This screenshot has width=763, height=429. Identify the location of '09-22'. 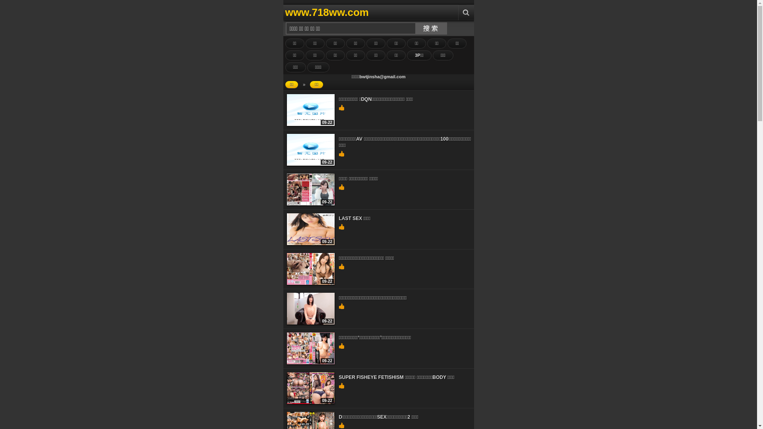
(310, 402).